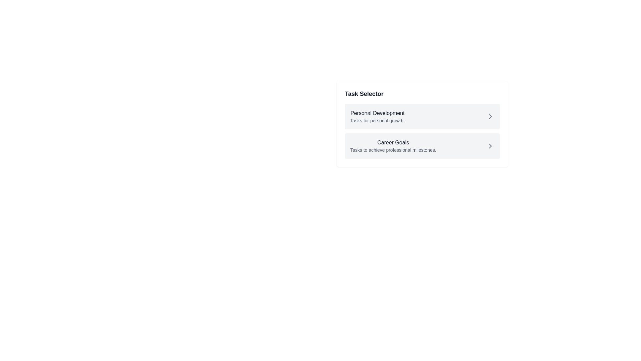 This screenshot has height=361, width=641. What do you see at coordinates (490, 145) in the screenshot?
I see `the chevron arrow icon that symbolizes navigation within the 'Career Goals' section button` at bounding box center [490, 145].